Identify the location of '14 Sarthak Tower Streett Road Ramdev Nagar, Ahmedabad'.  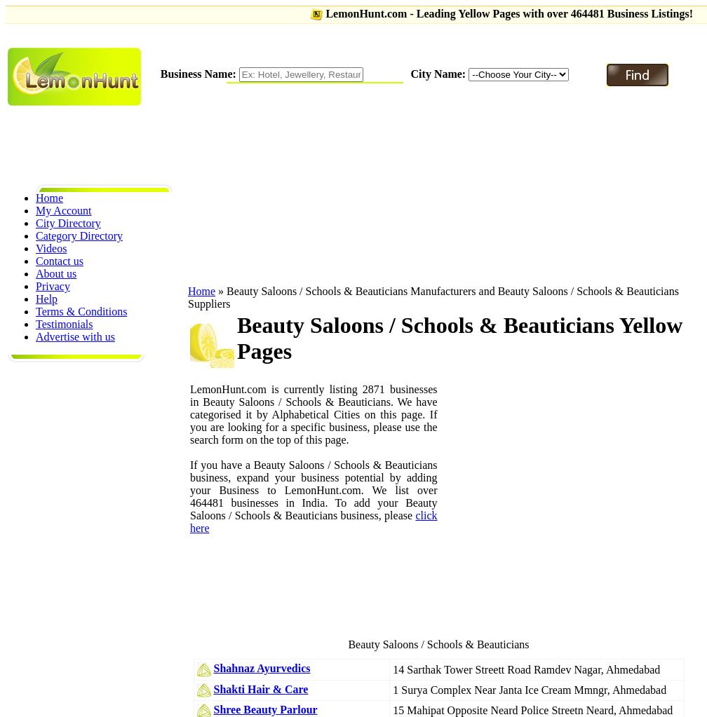
(526, 669).